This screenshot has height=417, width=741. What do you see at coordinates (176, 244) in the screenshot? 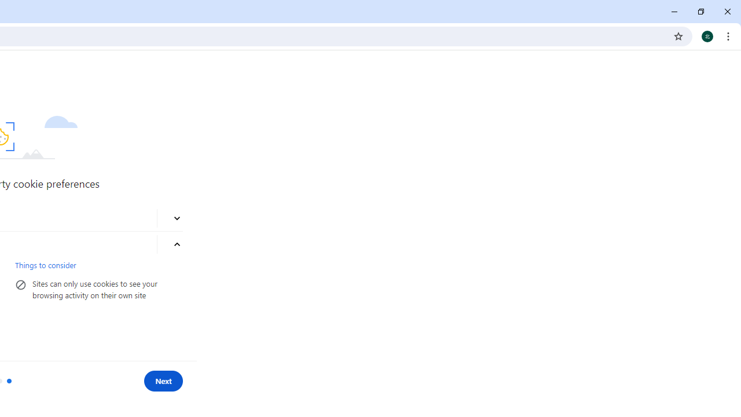
I see `'More about blocking third-party cookies'` at bounding box center [176, 244].